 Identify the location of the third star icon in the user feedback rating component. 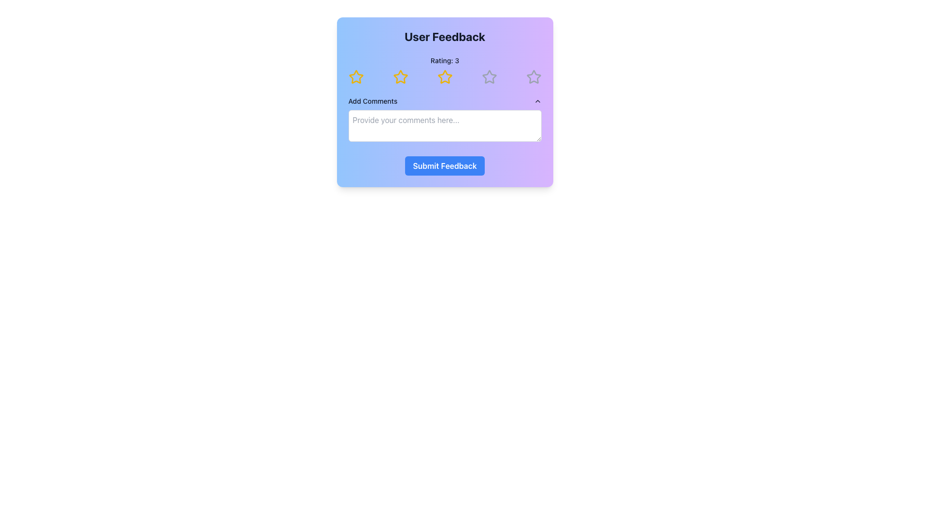
(444, 76).